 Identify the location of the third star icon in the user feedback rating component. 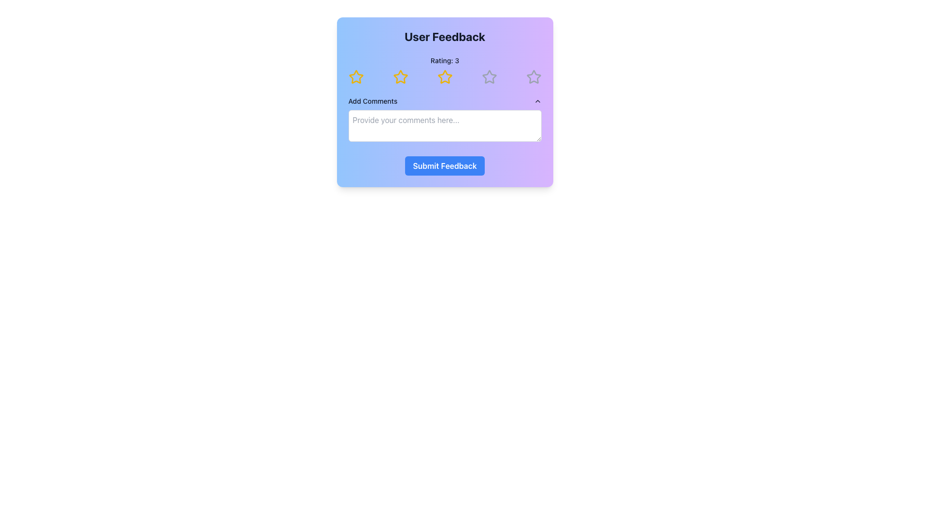
(444, 76).